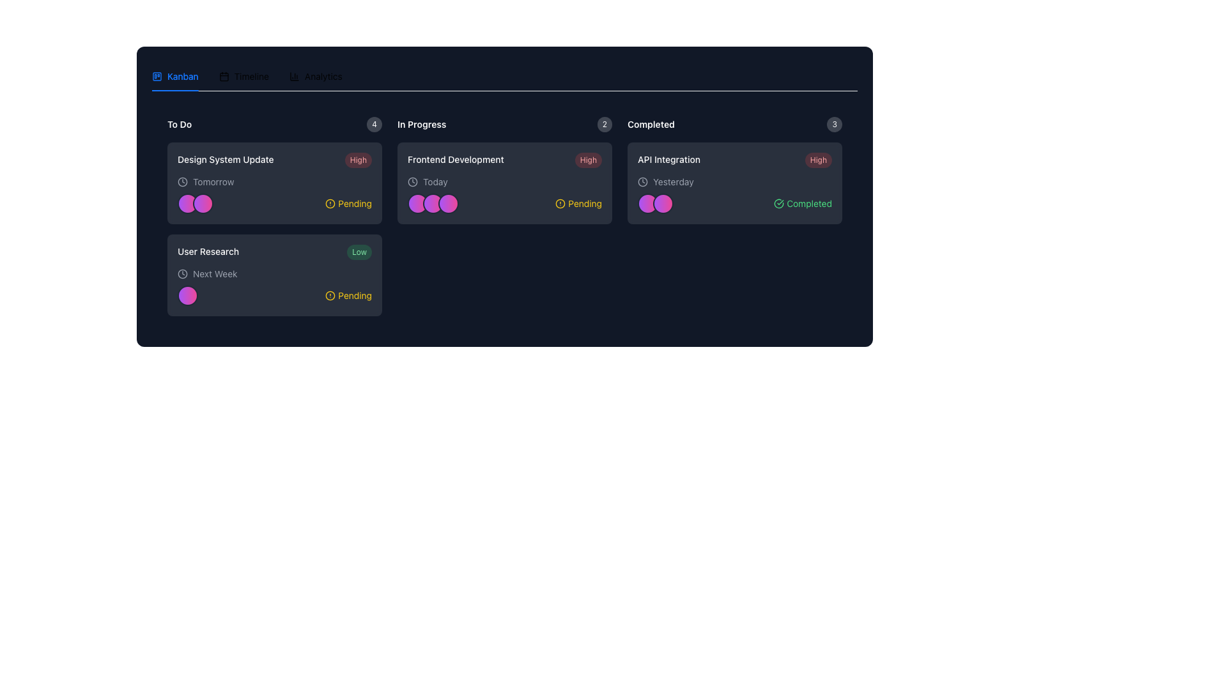 The width and height of the screenshot is (1227, 690). I want to click on the timestamp label for the 'User Research' task located in the 'To Do' column of the Kanban interface, which indicates its scheduled date for next week, so click(215, 273).